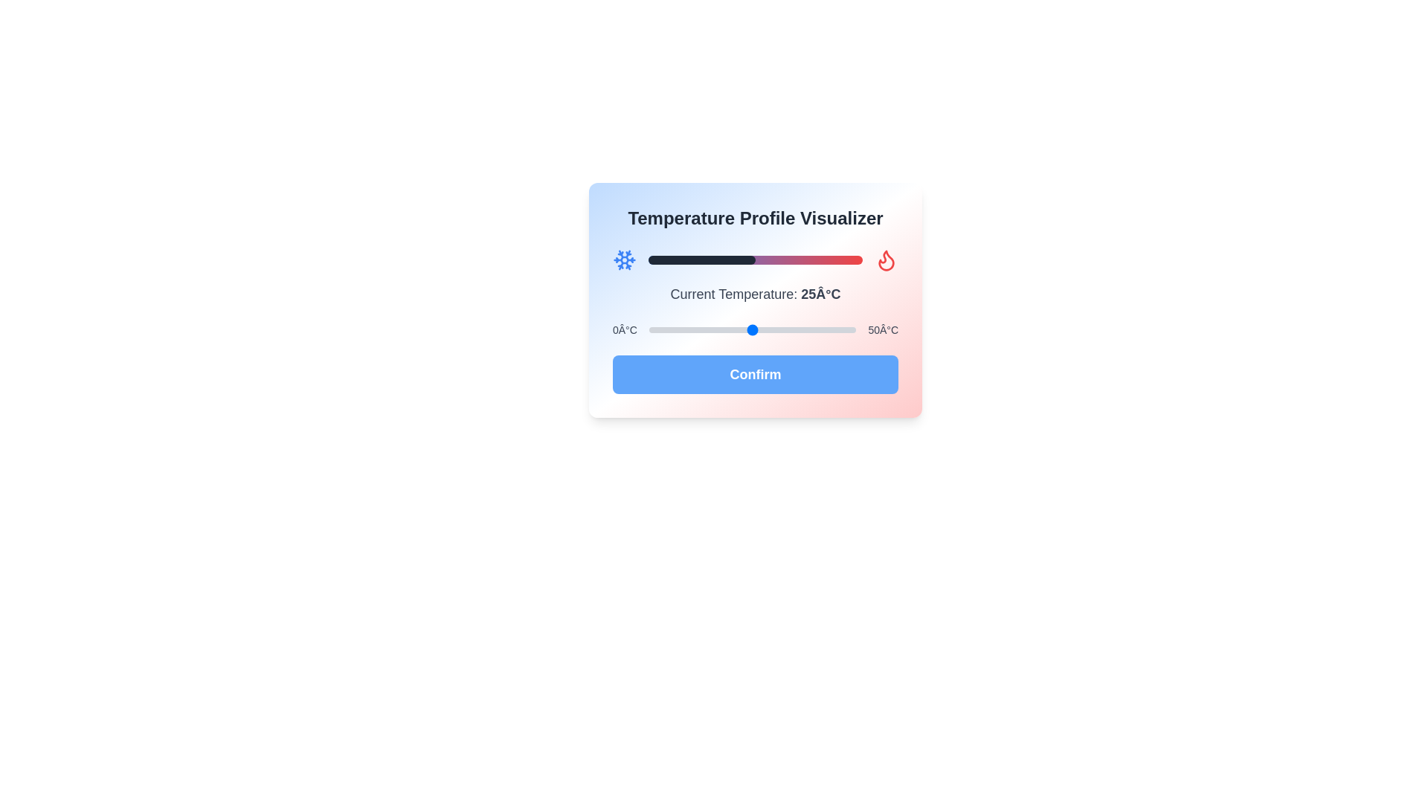  Describe the element at coordinates (822, 329) in the screenshot. I see `the temperature to 42°C using the slider` at that location.